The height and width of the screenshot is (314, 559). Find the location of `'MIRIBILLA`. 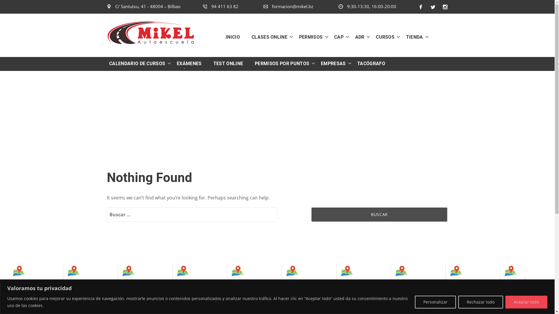

'MIRIBILLA is located at coordinates (196, 283).